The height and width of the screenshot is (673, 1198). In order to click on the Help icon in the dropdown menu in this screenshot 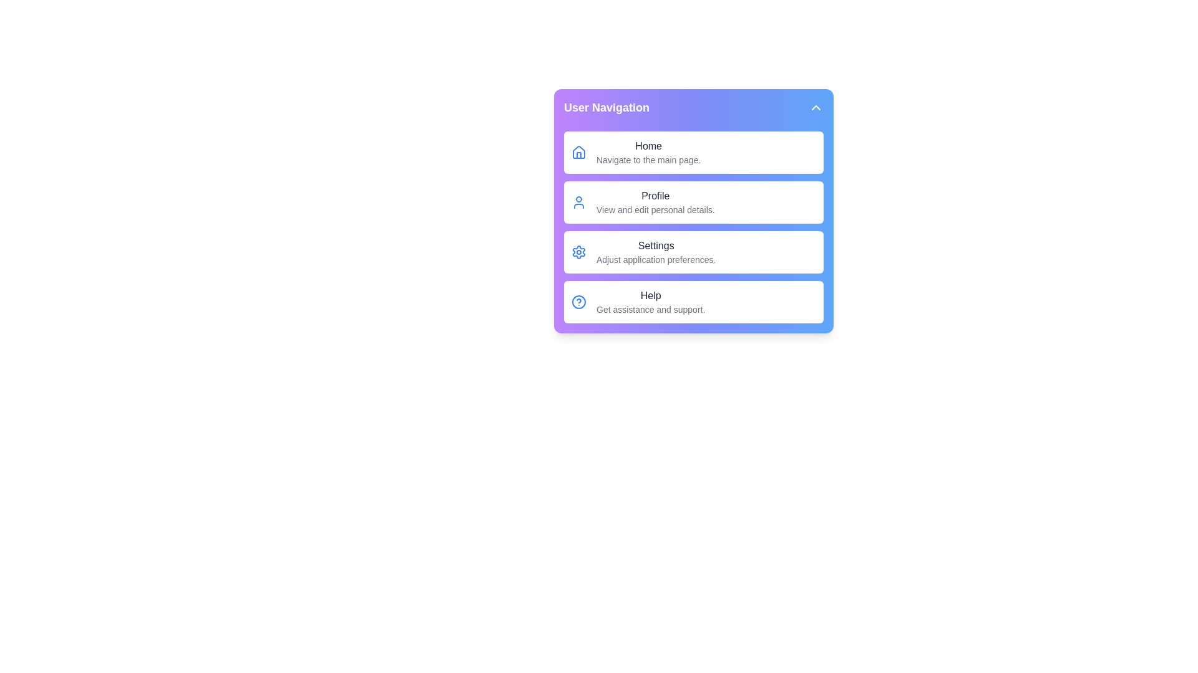, I will do `click(578, 302)`.